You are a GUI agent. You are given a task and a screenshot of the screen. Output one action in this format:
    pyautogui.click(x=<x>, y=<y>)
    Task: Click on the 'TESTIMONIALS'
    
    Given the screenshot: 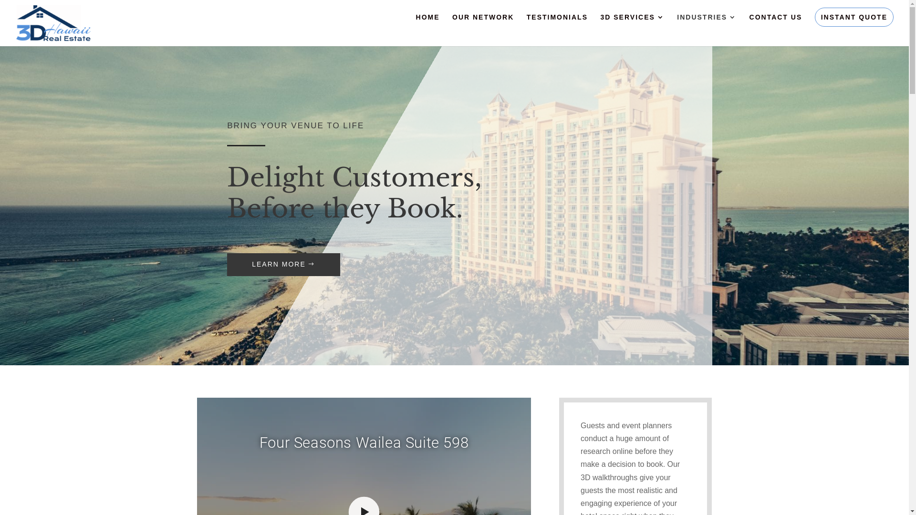 What is the action you would take?
    pyautogui.click(x=526, y=29)
    